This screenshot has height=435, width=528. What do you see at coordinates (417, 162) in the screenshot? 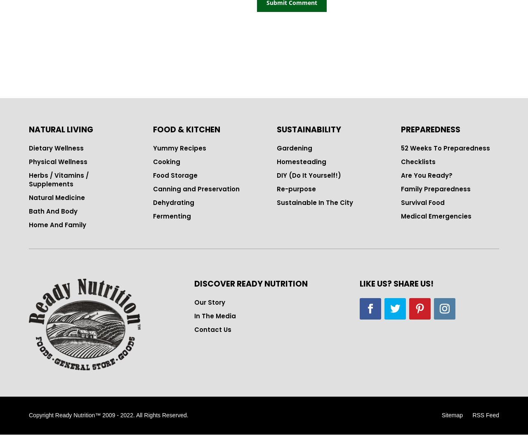
I see `'Checklists'` at bounding box center [417, 162].